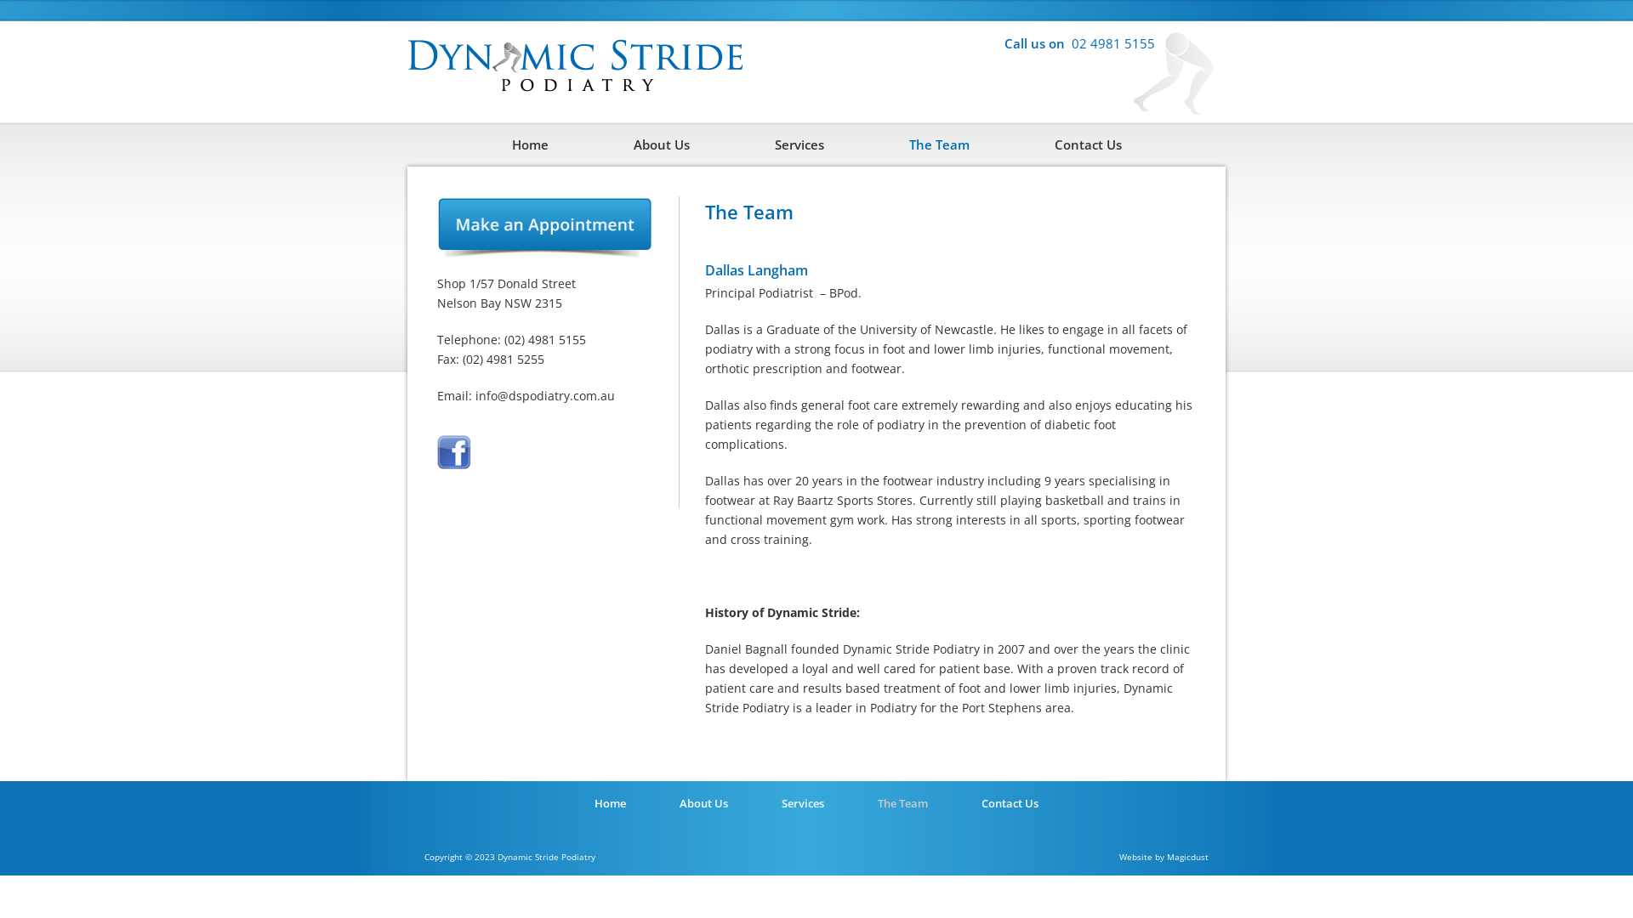  What do you see at coordinates (610, 803) in the screenshot?
I see `'Home'` at bounding box center [610, 803].